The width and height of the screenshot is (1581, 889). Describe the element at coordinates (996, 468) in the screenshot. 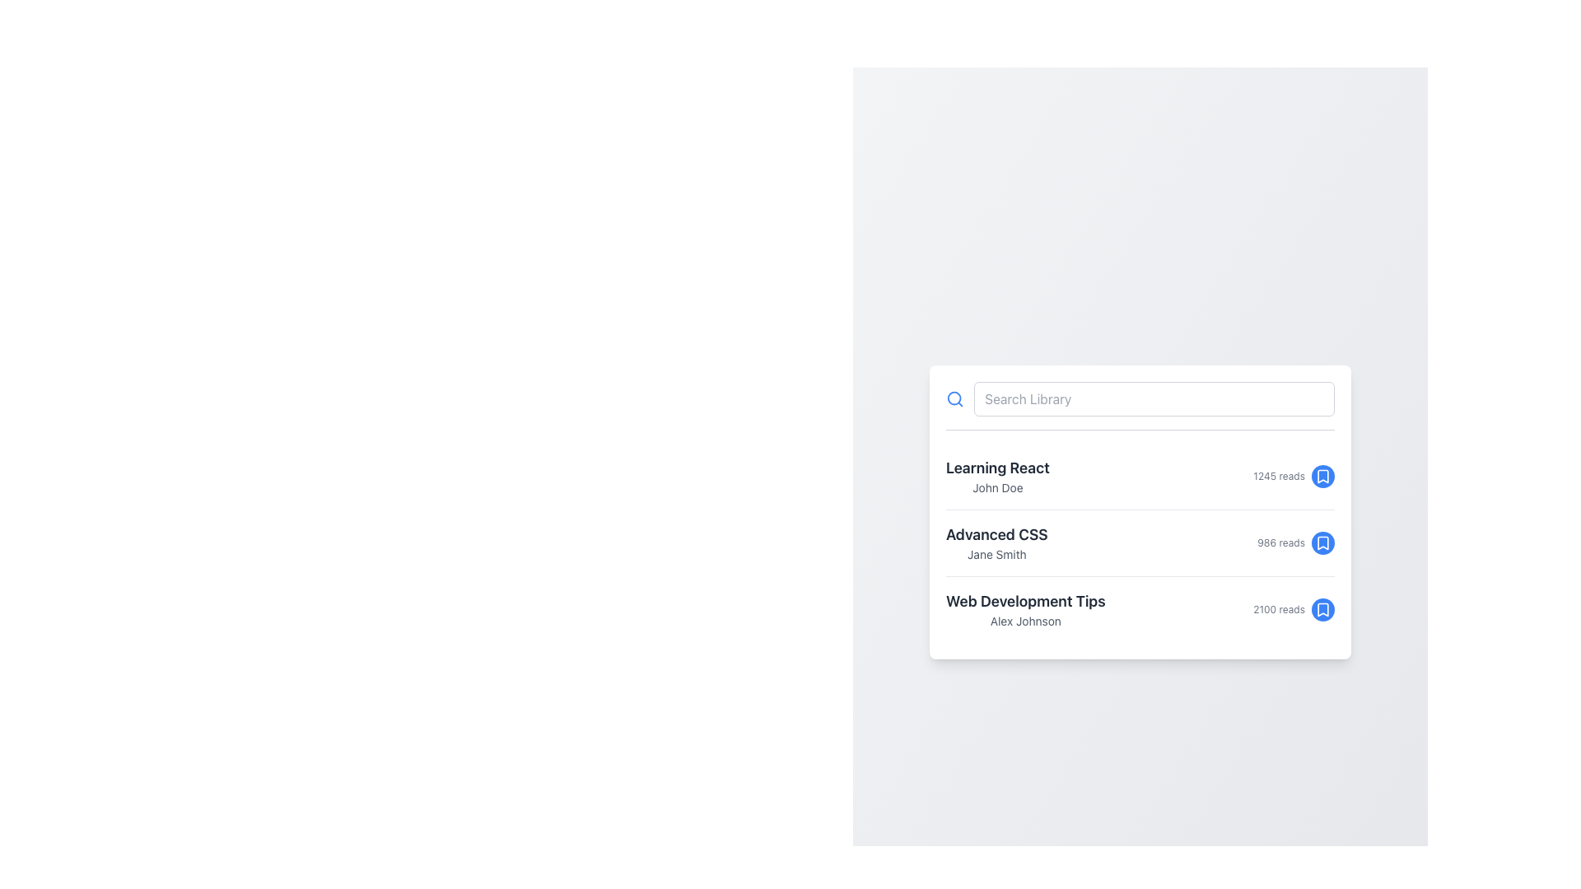

I see `the Text Label that serves as the title for the first list item, located above the 'John Doe' label` at that location.